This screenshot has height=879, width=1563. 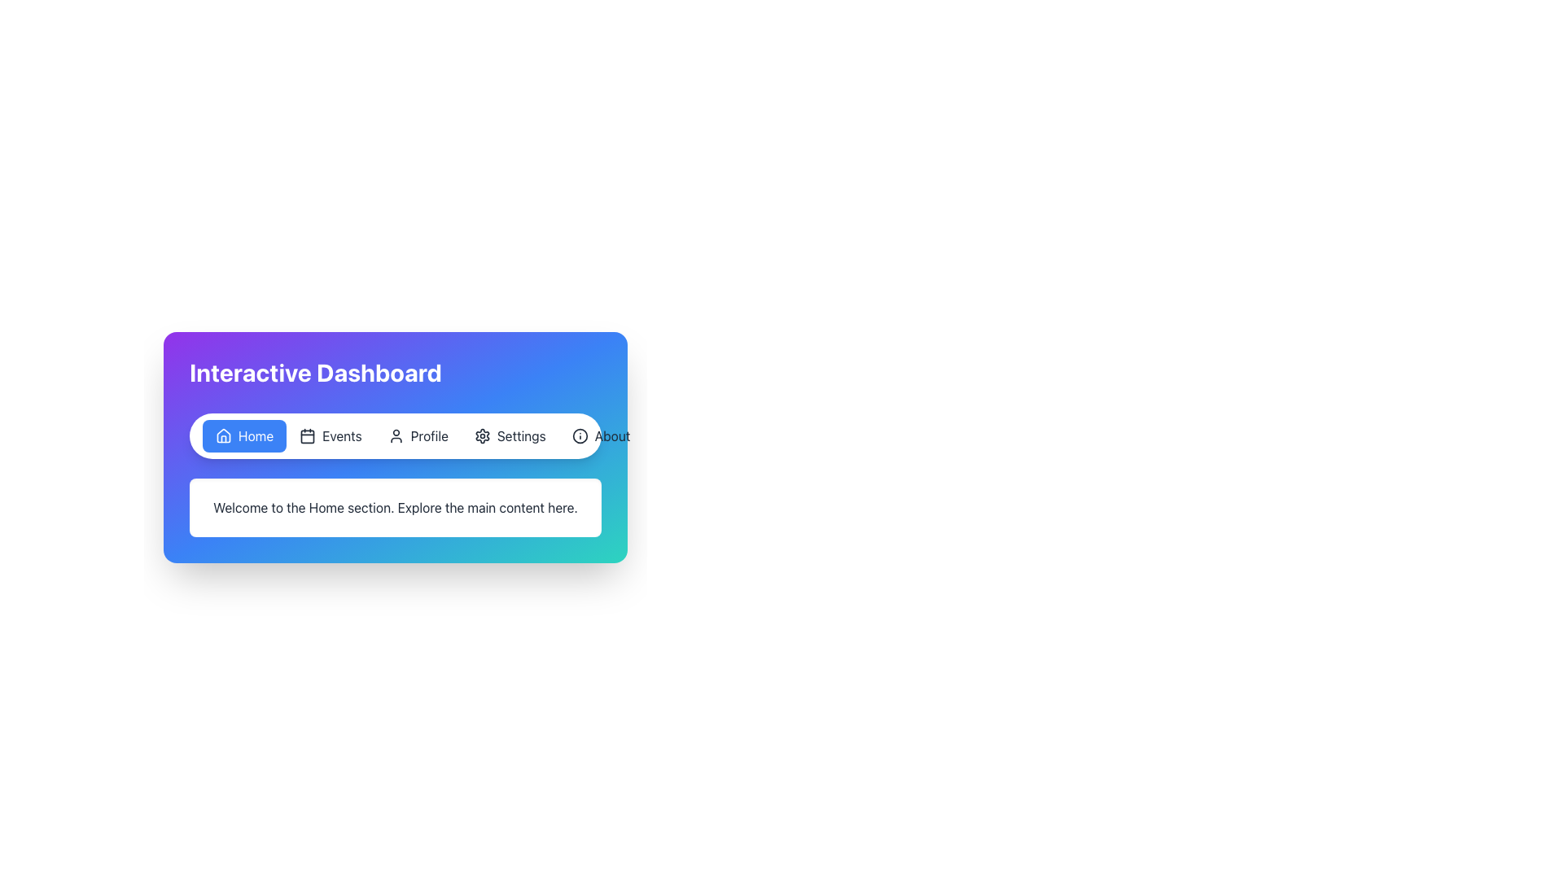 What do you see at coordinates (600, 435) in the screenshot?
I see `the rightmost button in the navigation bar` at bounding box center [600, 435].